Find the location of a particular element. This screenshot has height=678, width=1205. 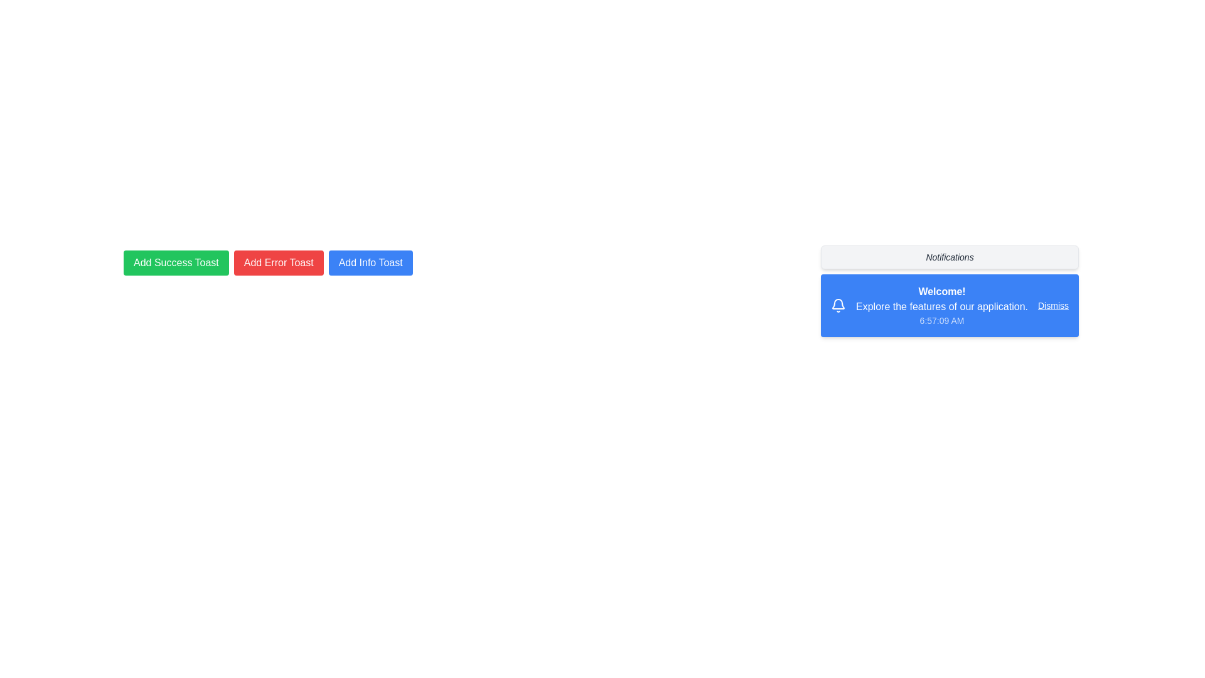

the 'Add Success Toast' button, which is a rectangular button with white text on a green background, to initiate the success toast display is located at coordinates (175, 262).